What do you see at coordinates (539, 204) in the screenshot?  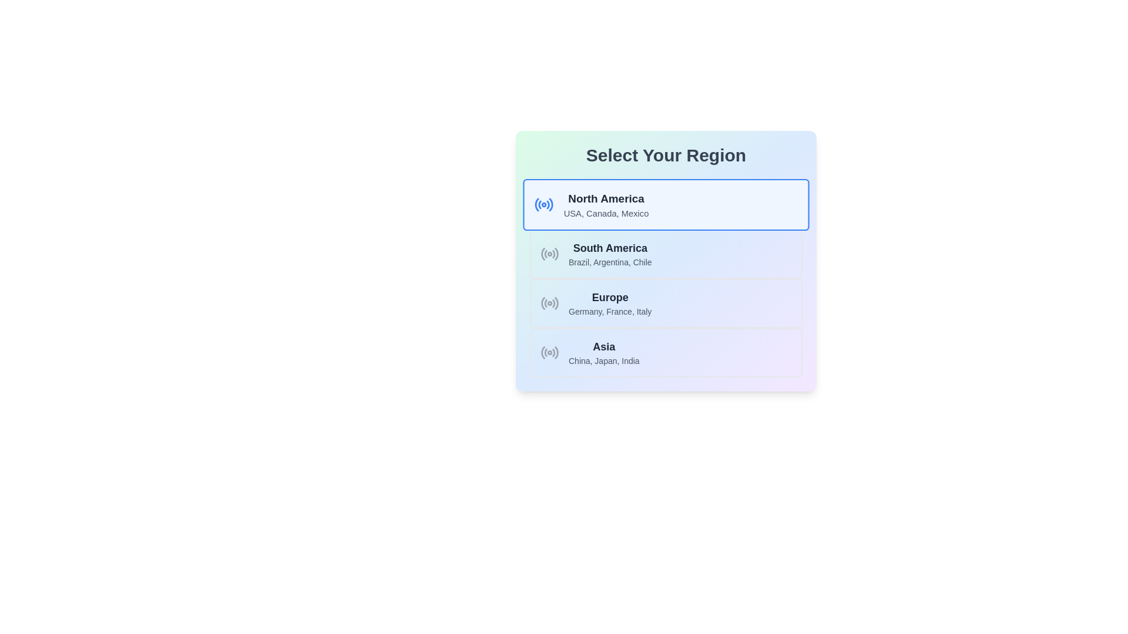 I see `the second curved line of the radio wave icon located near the top left corner of the 'North America' option under 'Select Your Region'` at bounding box center [539, 204].